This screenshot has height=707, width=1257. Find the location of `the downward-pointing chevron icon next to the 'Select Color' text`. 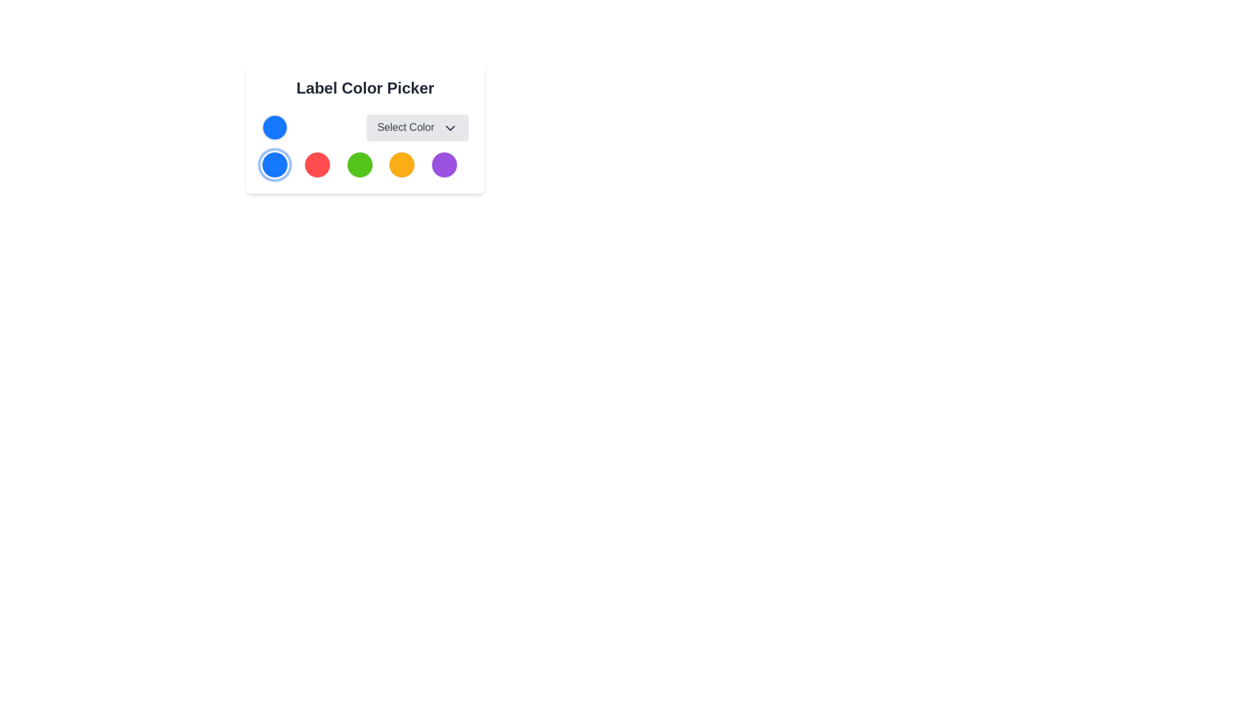

the downward-pointing chevron icon next to the 'Select Color' text is located at coordinates (450, 128).